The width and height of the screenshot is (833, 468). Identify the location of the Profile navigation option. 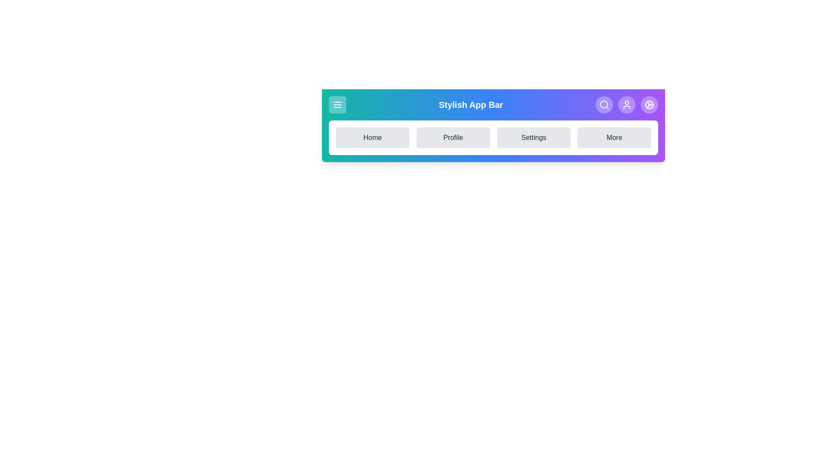
(453, 137).